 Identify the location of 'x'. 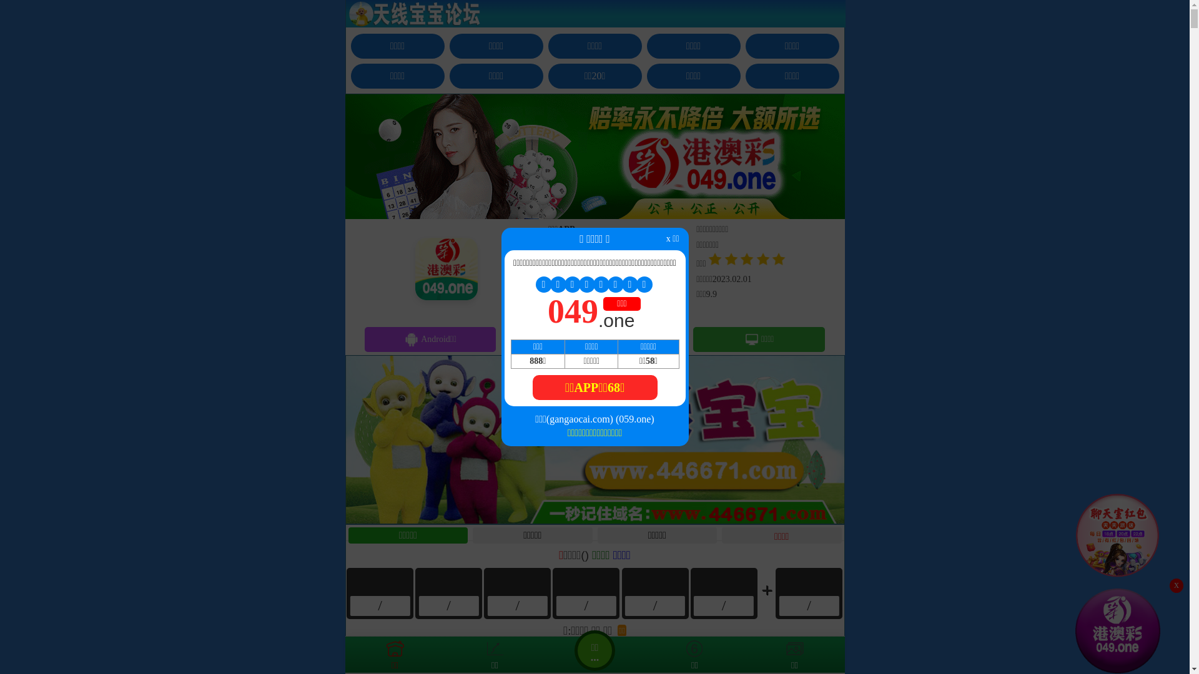
(1175, 585).